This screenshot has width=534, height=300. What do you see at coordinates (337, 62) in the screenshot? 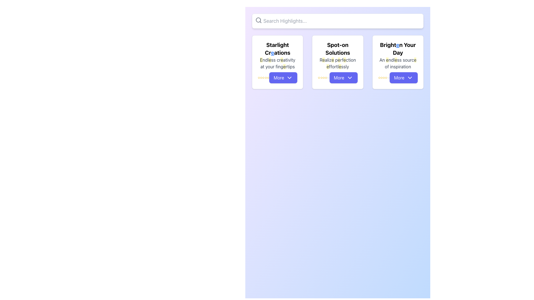
I see `the Card component titled 'Spot-on Solutions', which features a subtitle, star rating, and a button labeled 'More'. This card is located in the second column of a three-column grid layout, positioned between 'Starlight Creations' and 'Brighten Your Day'` at bounding box center [337, 62].